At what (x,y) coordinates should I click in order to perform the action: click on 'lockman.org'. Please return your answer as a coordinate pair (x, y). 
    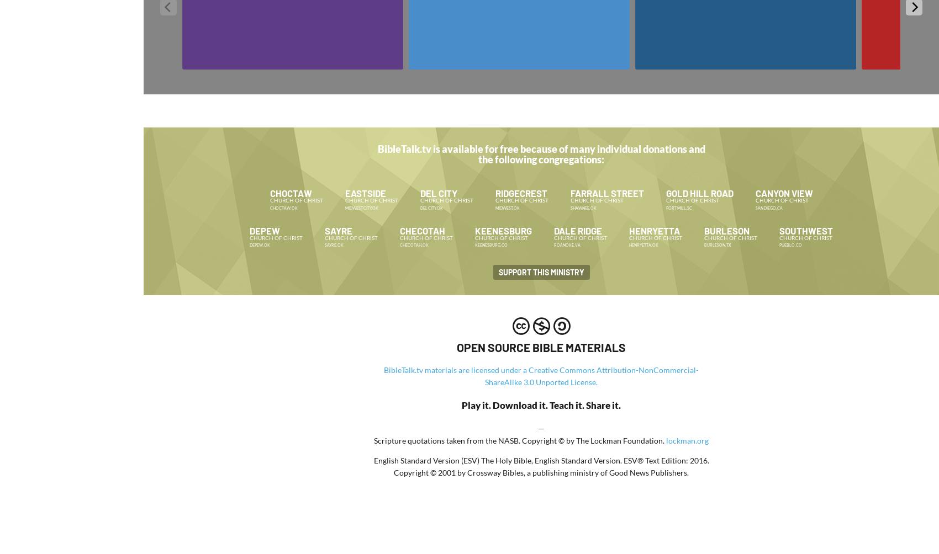
    Looking at the image, I should click on (687, 440).